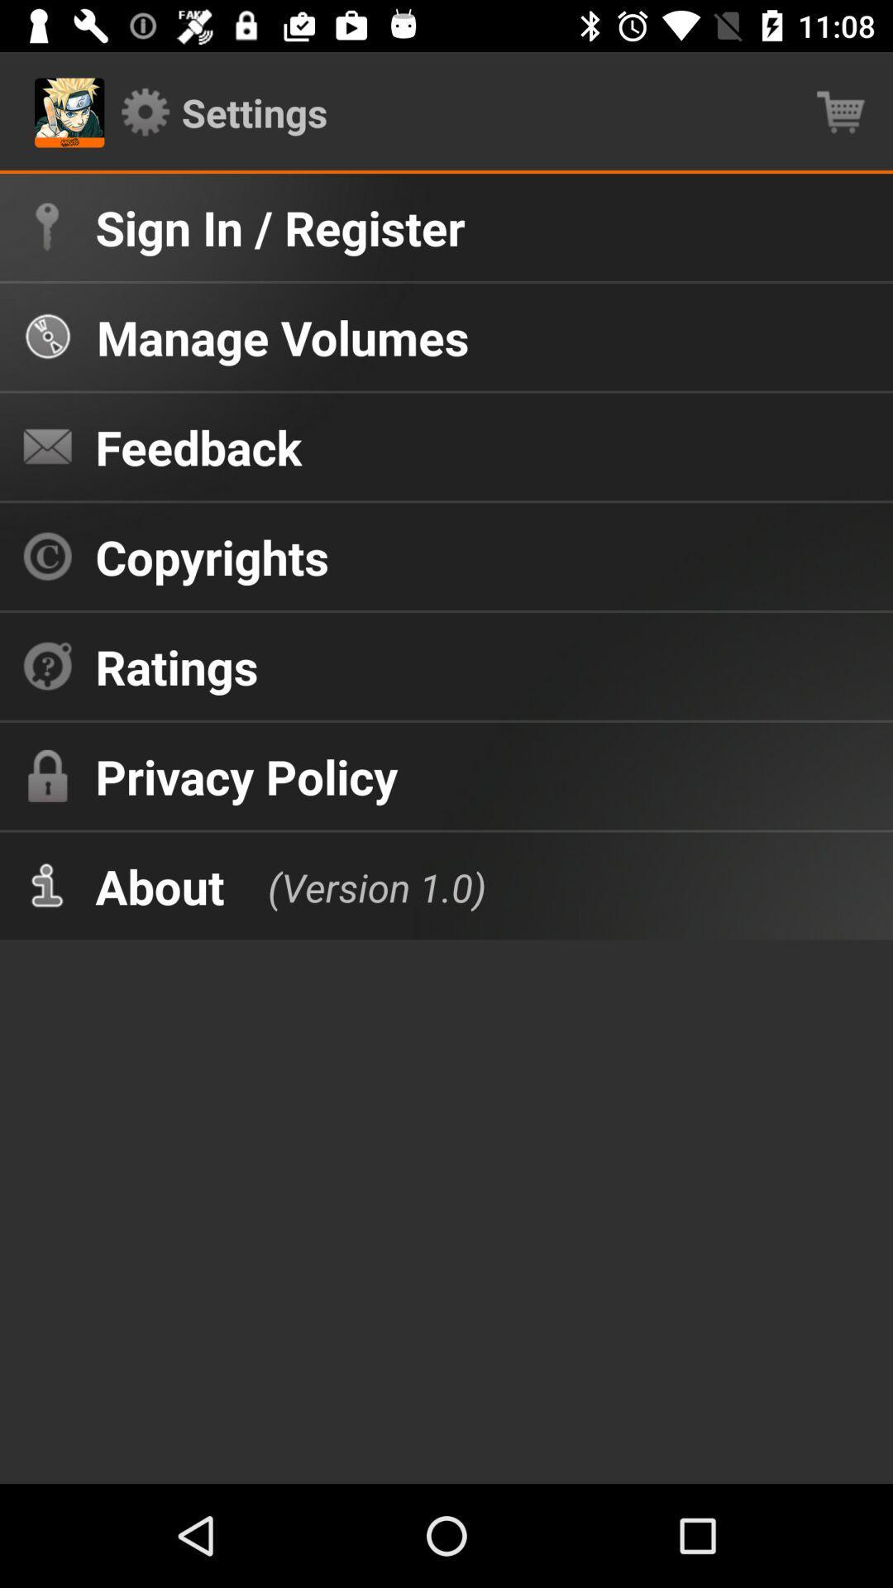  I want to click on the icon above the ratings icon, so click(211, 557).